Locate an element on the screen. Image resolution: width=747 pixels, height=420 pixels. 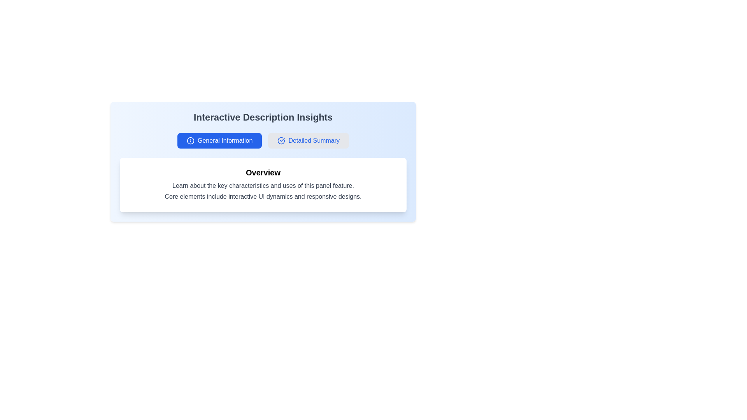
the navigational button located next to the 'General Information' button is located at coordinates (308, 141).